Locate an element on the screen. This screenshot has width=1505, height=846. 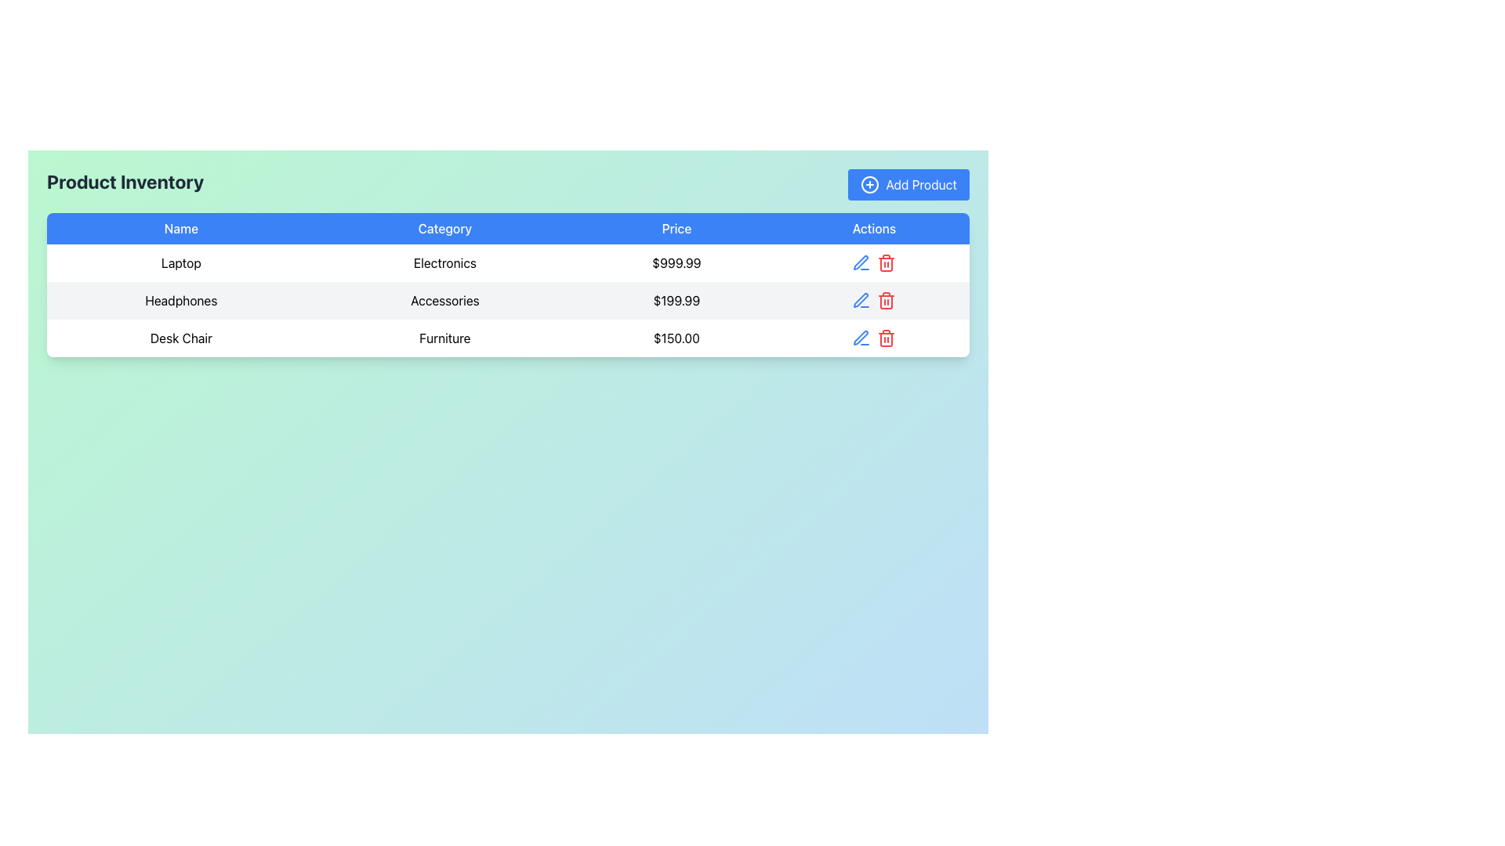
the blue pencil icon in the Button Group located in the last row of the table under the 'Actions' column is located at coordinates (873, 338).